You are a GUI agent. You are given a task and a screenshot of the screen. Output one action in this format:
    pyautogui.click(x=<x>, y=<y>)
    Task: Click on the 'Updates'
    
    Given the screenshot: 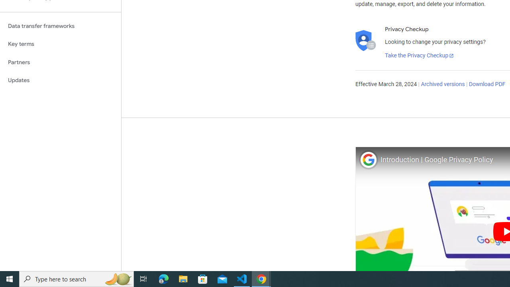 What is the action you would take?
    pyautogui.click(x=60, y=80)
    